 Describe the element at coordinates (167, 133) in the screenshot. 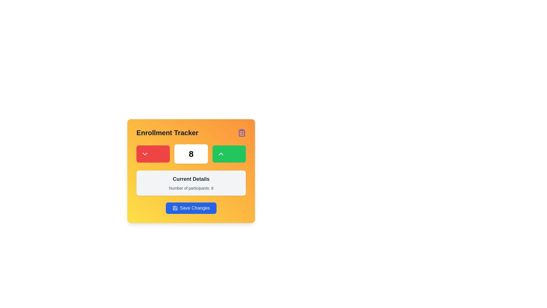

I see `the Text Label that serves as the title or header for the enrollment tracking card, which is located in the upper section of the card and aligned to the left` at that location.